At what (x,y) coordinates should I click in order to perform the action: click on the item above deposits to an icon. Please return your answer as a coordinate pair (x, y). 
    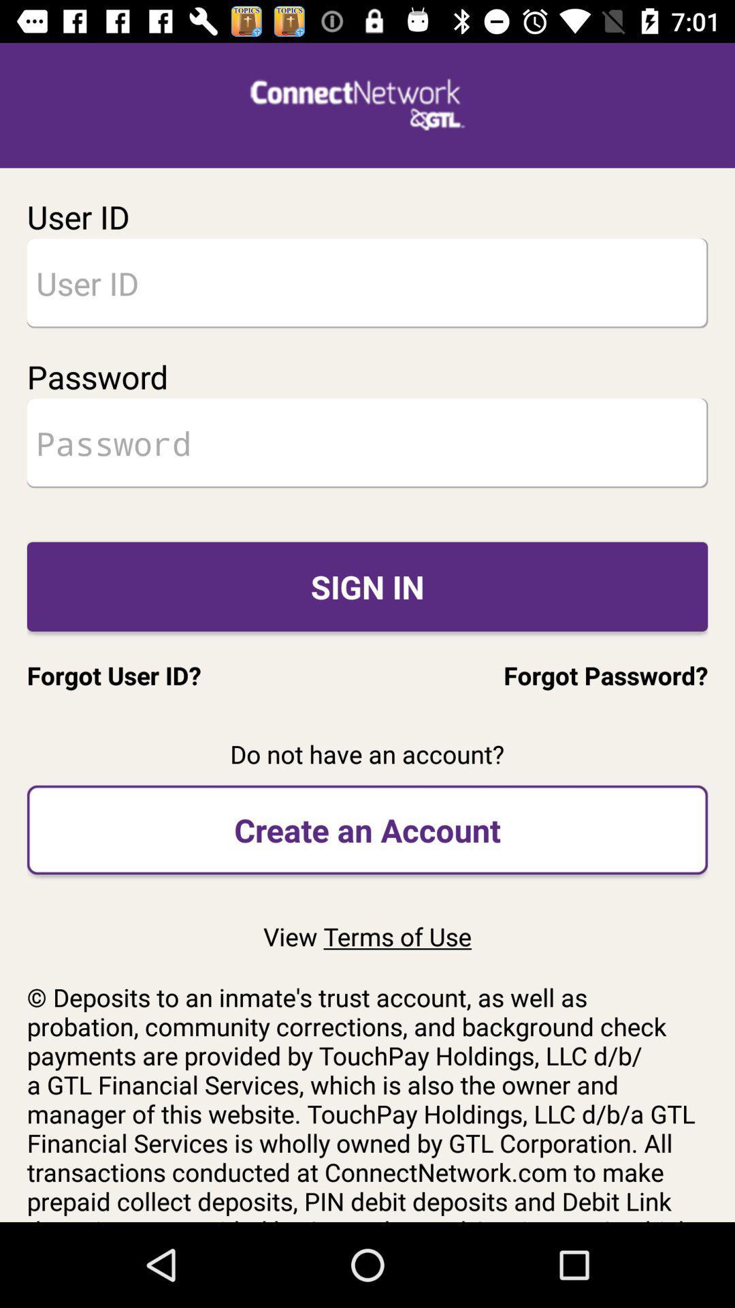
    Looking at the image, I should click on (367, 935).